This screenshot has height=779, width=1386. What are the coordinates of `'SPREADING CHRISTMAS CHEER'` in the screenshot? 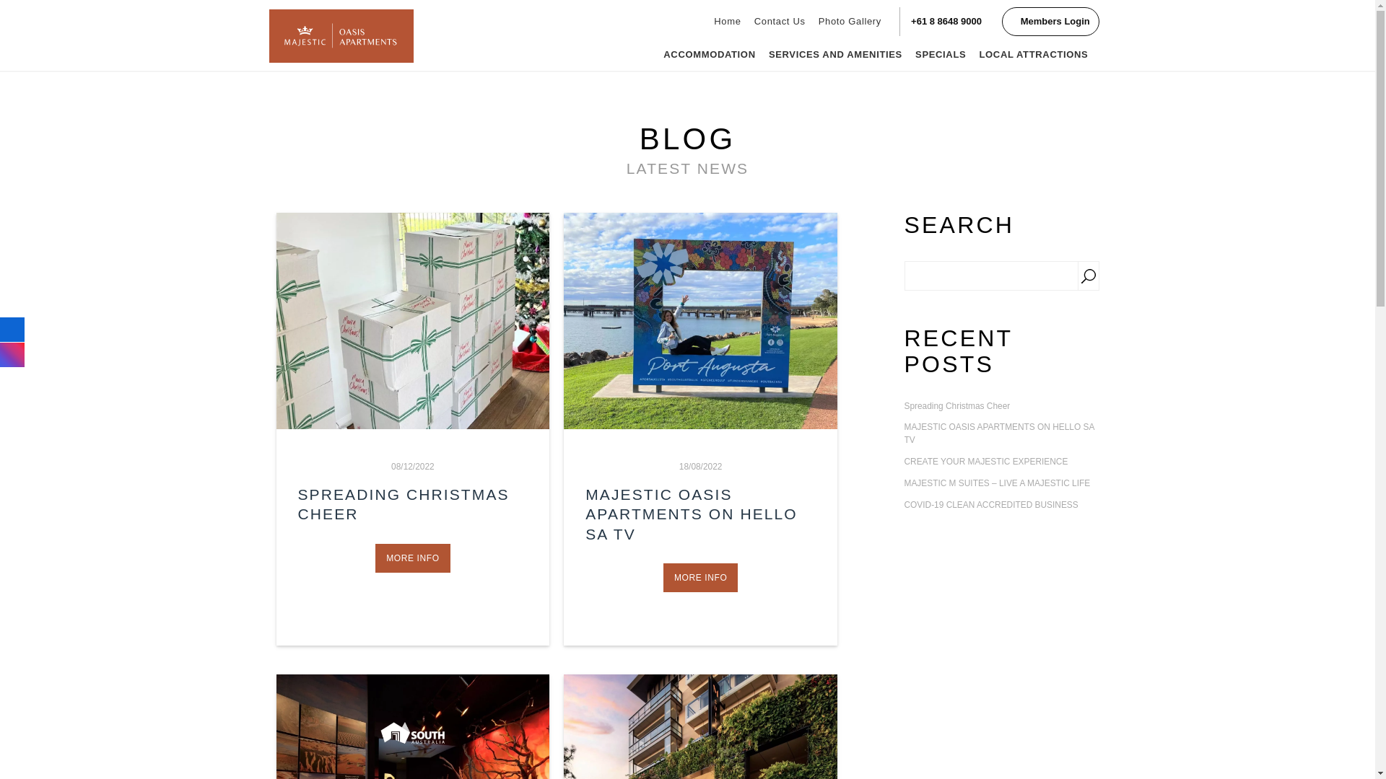 It's located at (403, 503).